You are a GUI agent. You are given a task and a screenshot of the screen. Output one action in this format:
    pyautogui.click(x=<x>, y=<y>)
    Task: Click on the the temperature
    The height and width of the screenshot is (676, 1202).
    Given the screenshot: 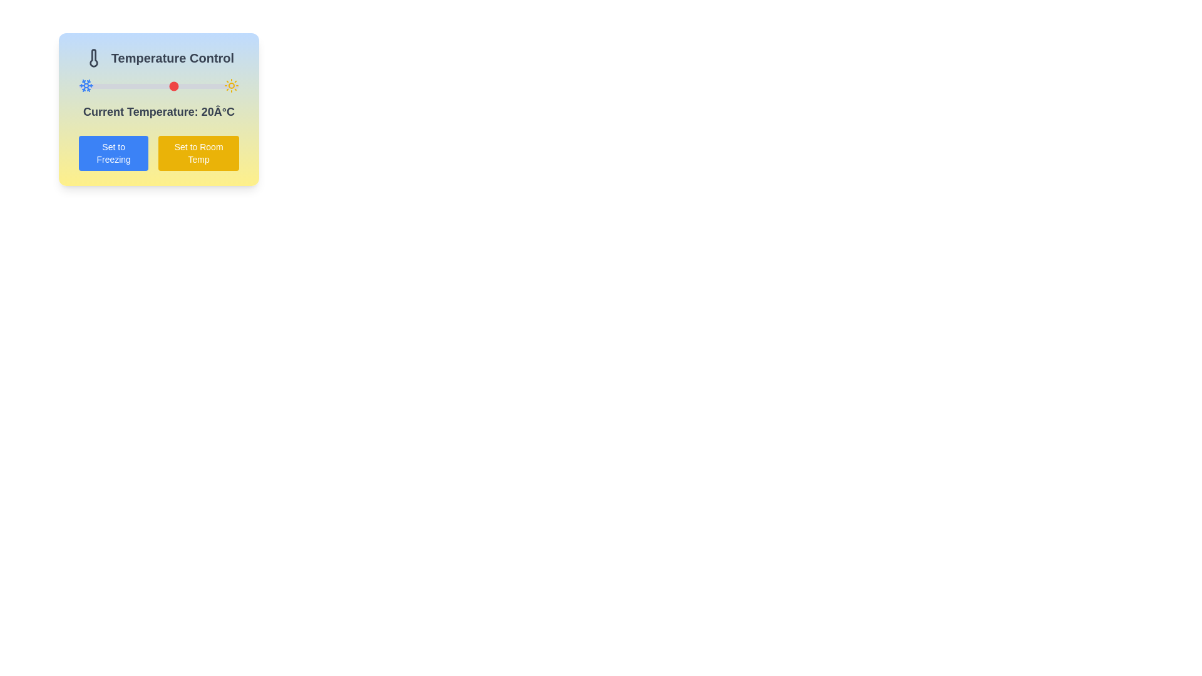 What is the action you would take?
    pyautogui.click(x=126, y=86)
    